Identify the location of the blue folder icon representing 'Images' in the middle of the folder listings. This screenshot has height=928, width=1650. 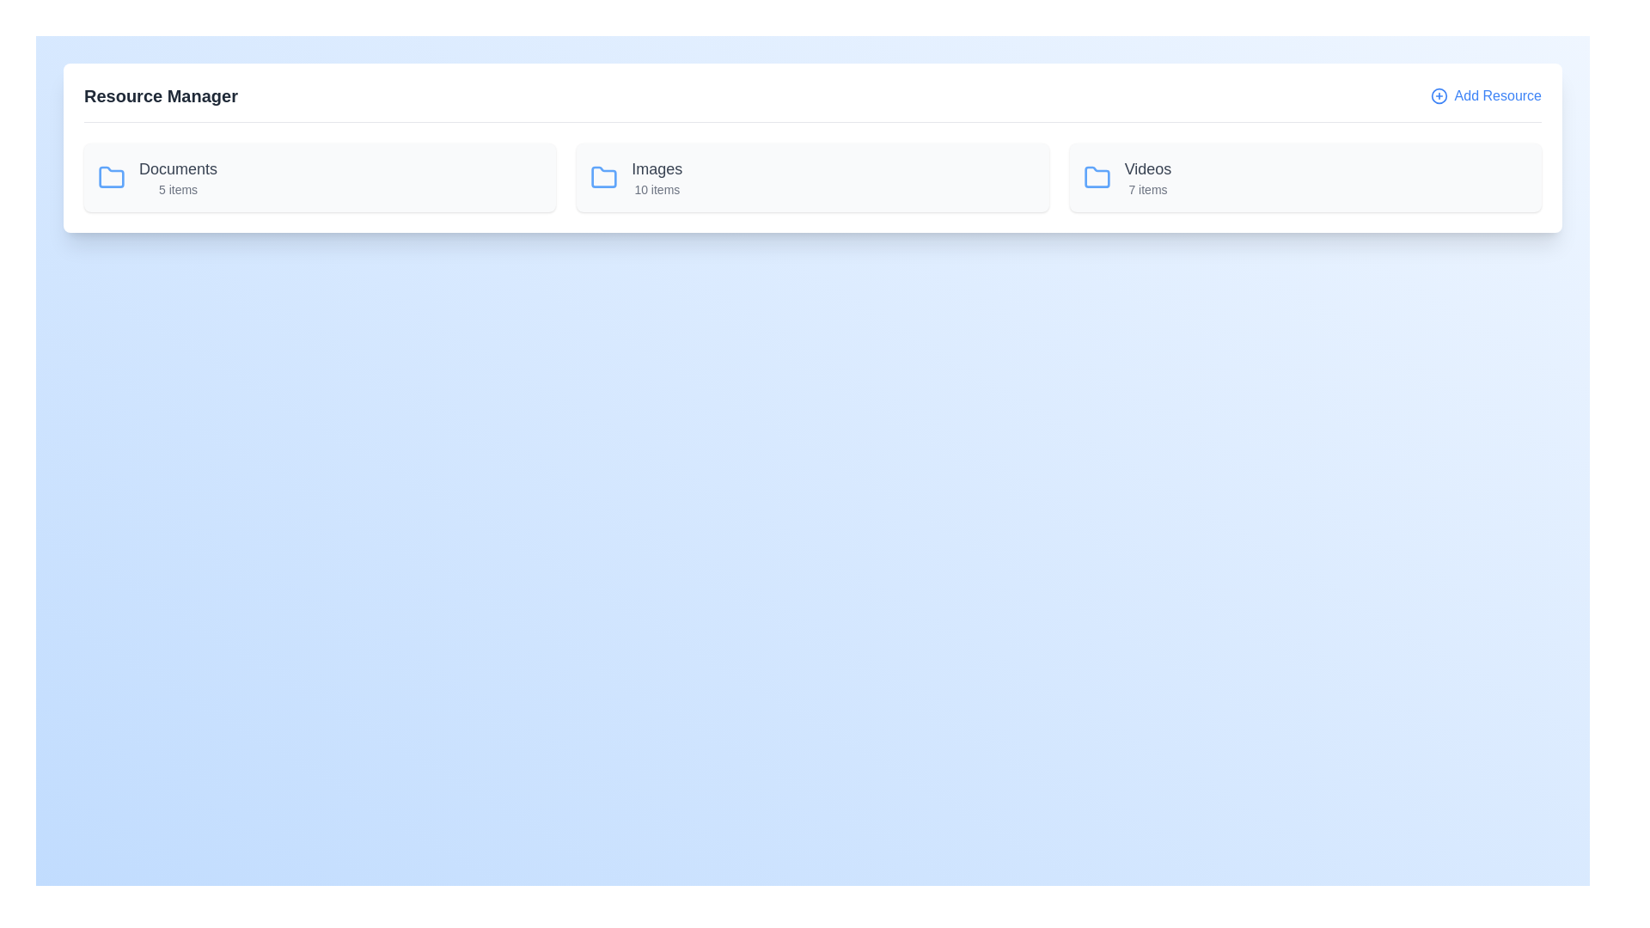
(604, 178).